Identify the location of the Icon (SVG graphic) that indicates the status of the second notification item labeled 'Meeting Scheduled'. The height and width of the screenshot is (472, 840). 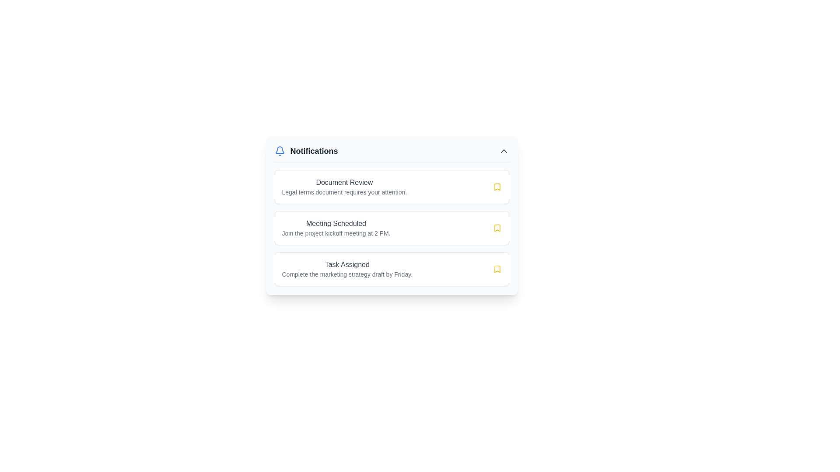
(497, 187).